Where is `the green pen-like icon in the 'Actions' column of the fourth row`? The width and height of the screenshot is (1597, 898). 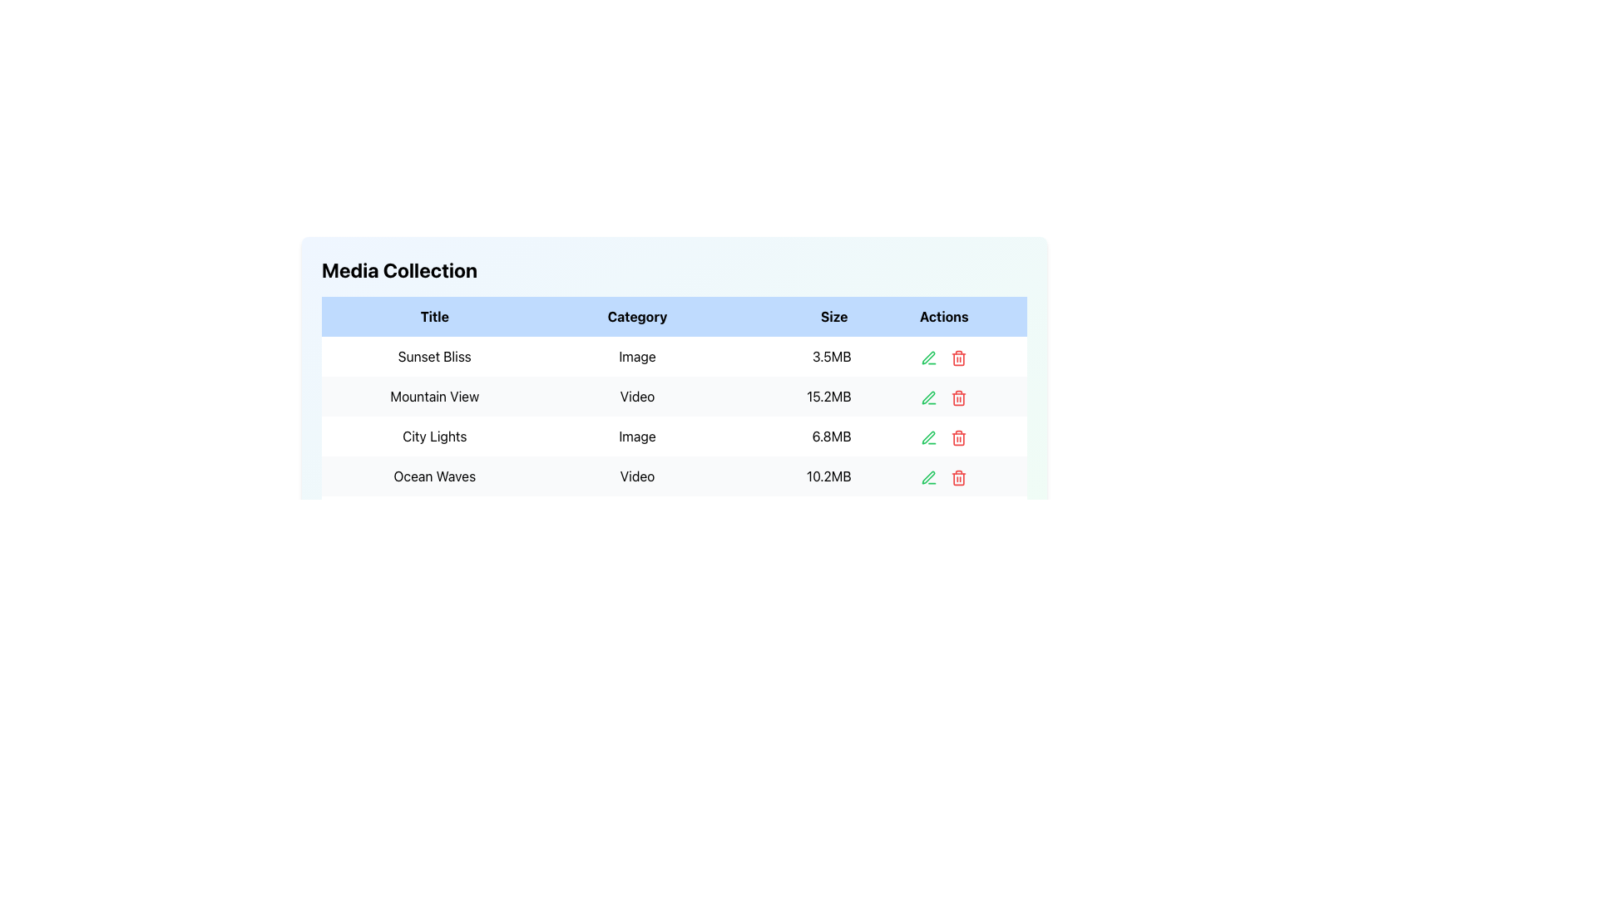
the green pen-like icon in the 'Actions' column of the fourth row is located at coordinates (928, 477).